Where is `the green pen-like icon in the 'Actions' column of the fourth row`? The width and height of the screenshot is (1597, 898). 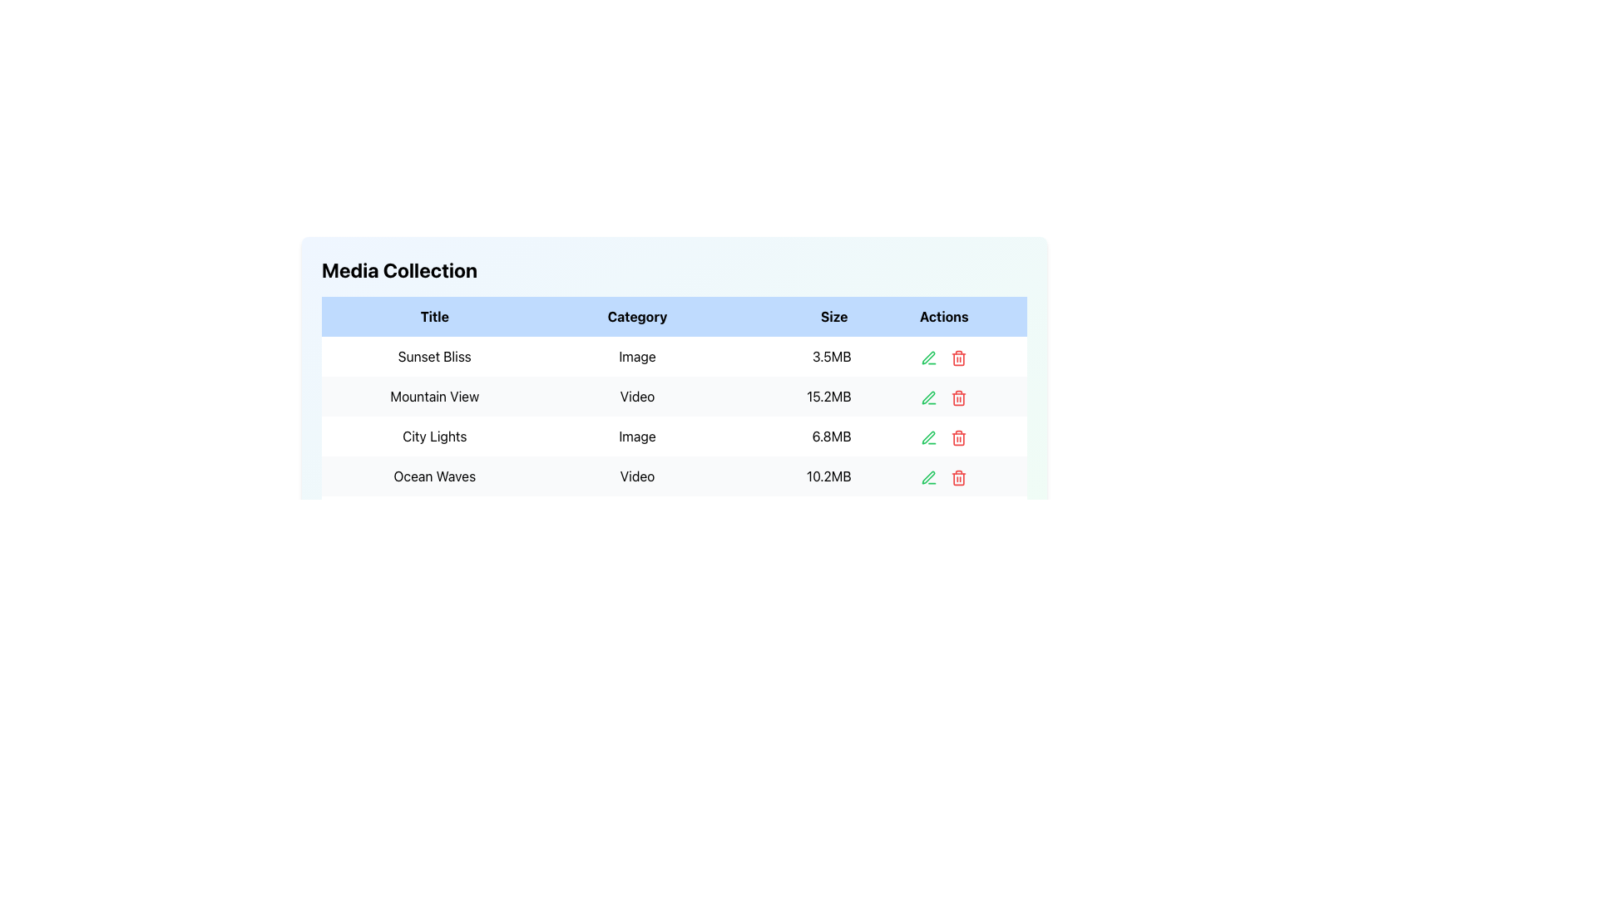
the green pen-like icon in the 'Actions' column of the fourth row is located at coordinates (928, 477).